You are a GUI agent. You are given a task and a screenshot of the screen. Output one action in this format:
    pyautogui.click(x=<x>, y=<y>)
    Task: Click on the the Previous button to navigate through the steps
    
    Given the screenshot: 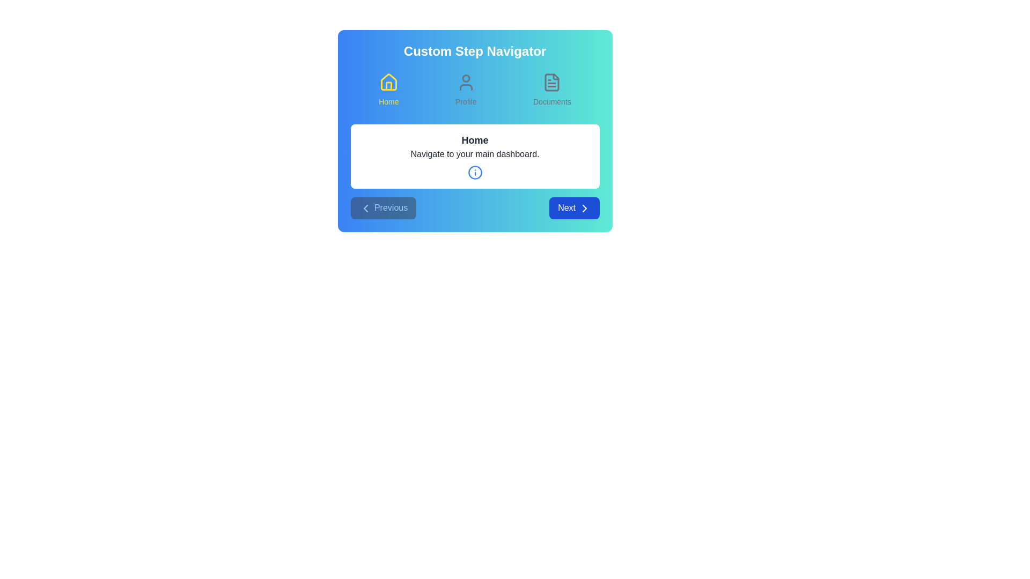 What is the action you would take?
    pyautogui.click(x=383, y=208)
    